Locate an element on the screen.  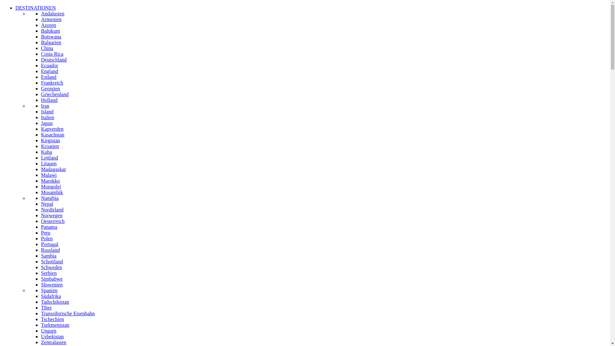
'Estland' is located at coordinates (48, 77).